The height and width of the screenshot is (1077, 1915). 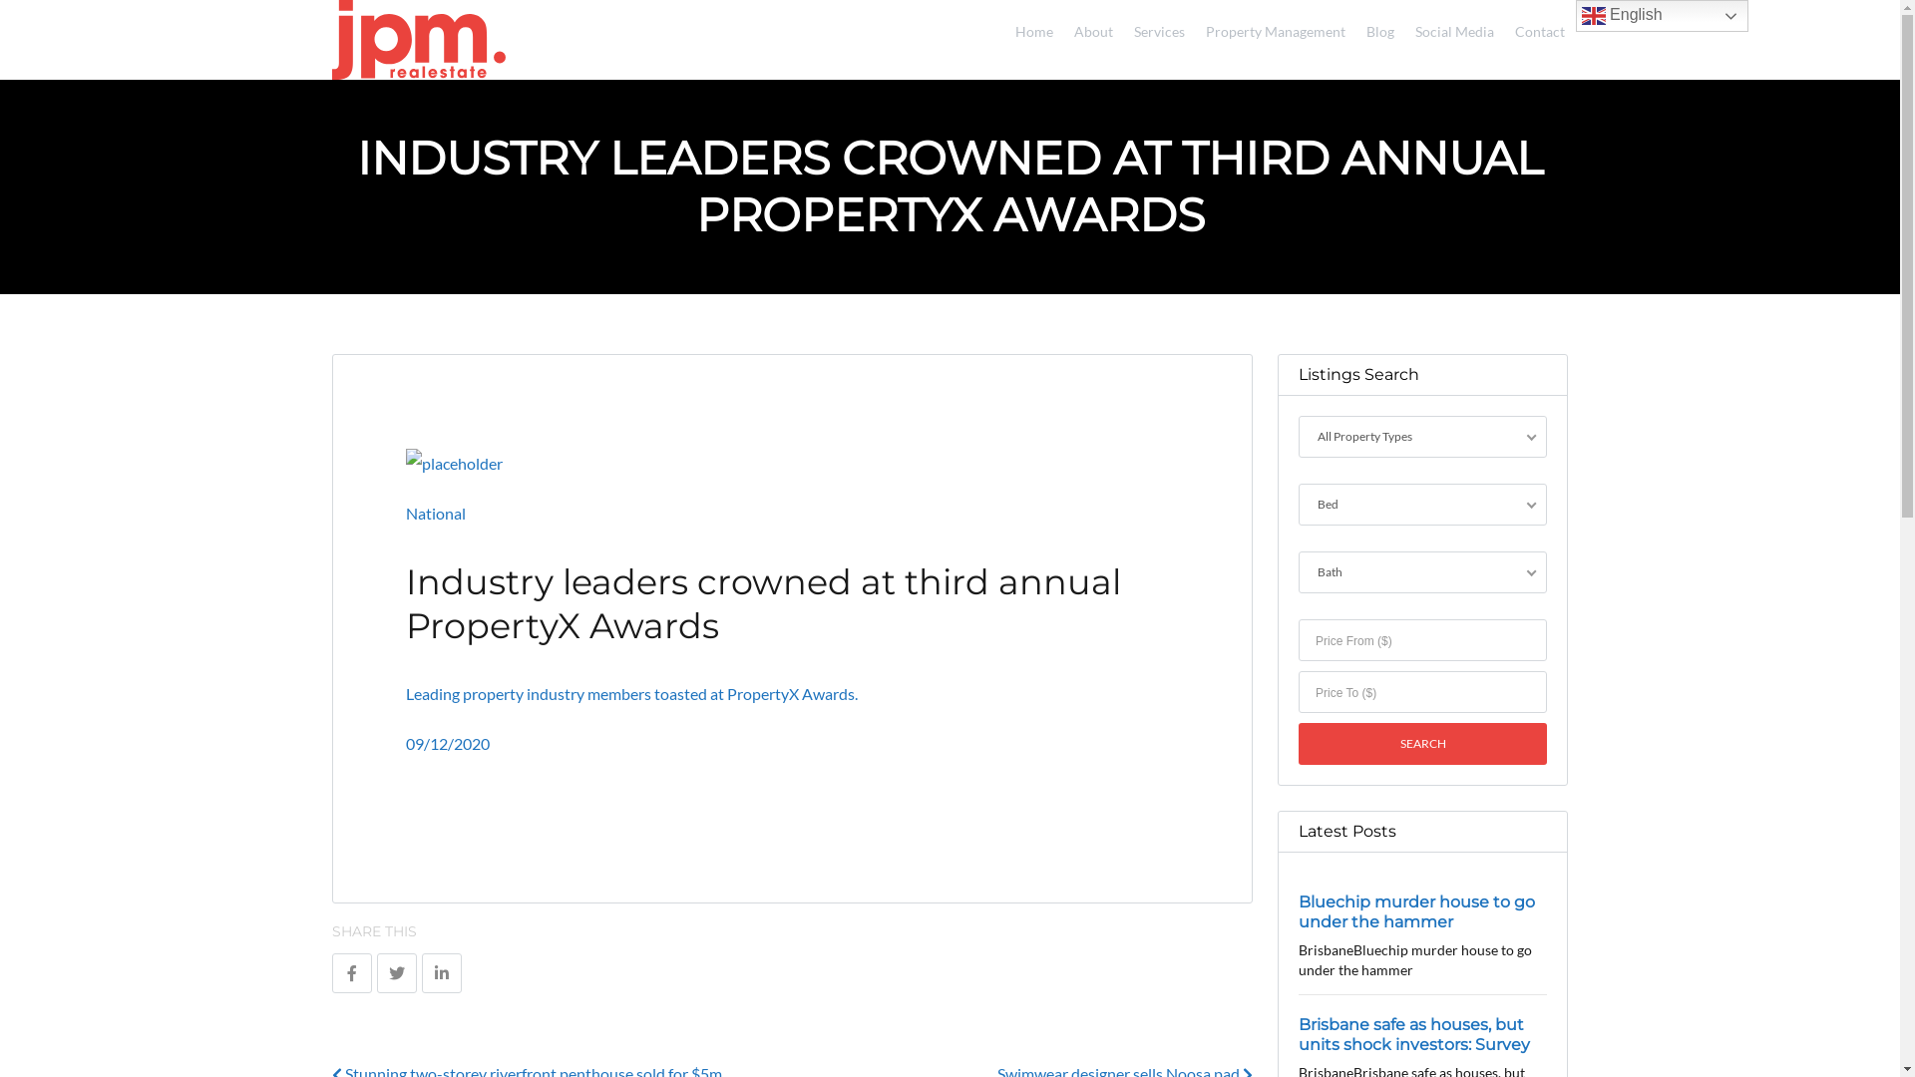 I want to click on 'English', so click(x=1574, y=15).